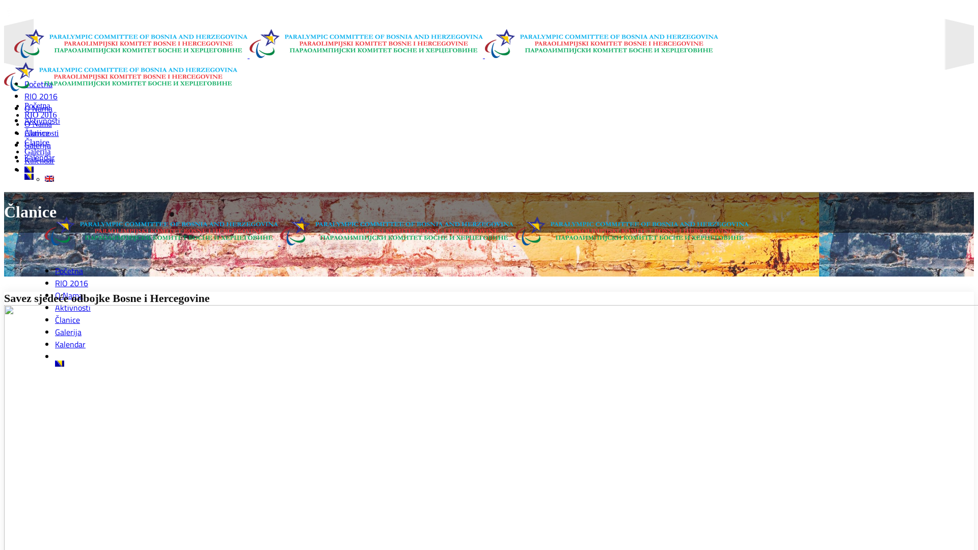  Describe the element at coordinates (41, 96) in the screenshot. I see `'RIO 2016'` at that location.